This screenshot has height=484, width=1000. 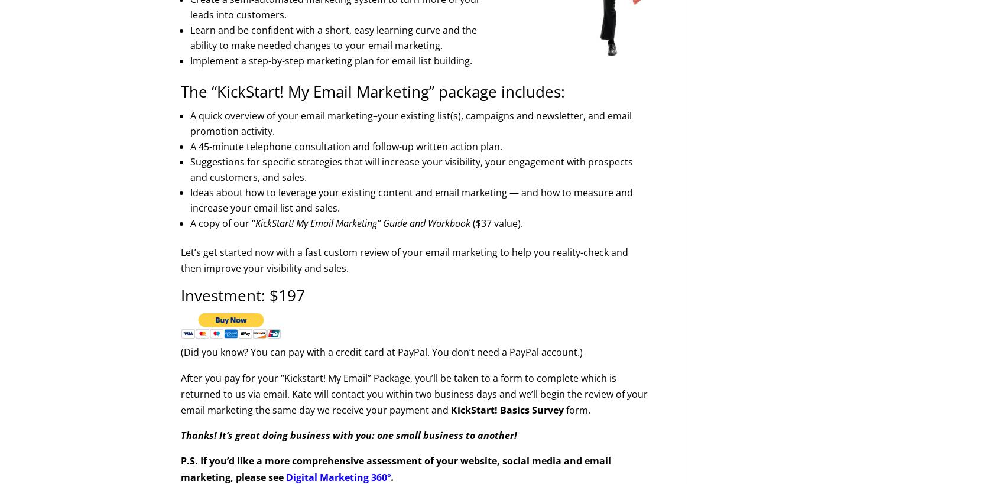 I want to click on '(Did you know? You can pay with a credit card at PayPal. You don’t need a PayPal account.)', so click(x=180, y=351).